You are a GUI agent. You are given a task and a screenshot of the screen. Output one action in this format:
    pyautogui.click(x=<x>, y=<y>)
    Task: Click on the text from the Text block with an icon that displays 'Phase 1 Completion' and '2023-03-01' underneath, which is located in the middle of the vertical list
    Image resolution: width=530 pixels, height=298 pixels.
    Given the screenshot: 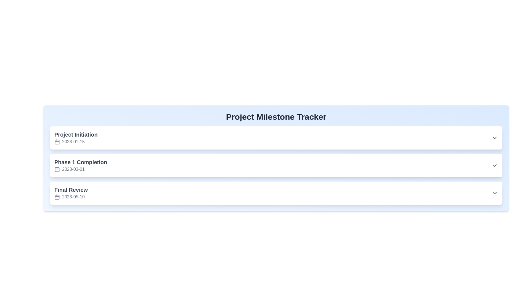 What is the action you would take?
    pyautogui.click(x=80, y=165)
    